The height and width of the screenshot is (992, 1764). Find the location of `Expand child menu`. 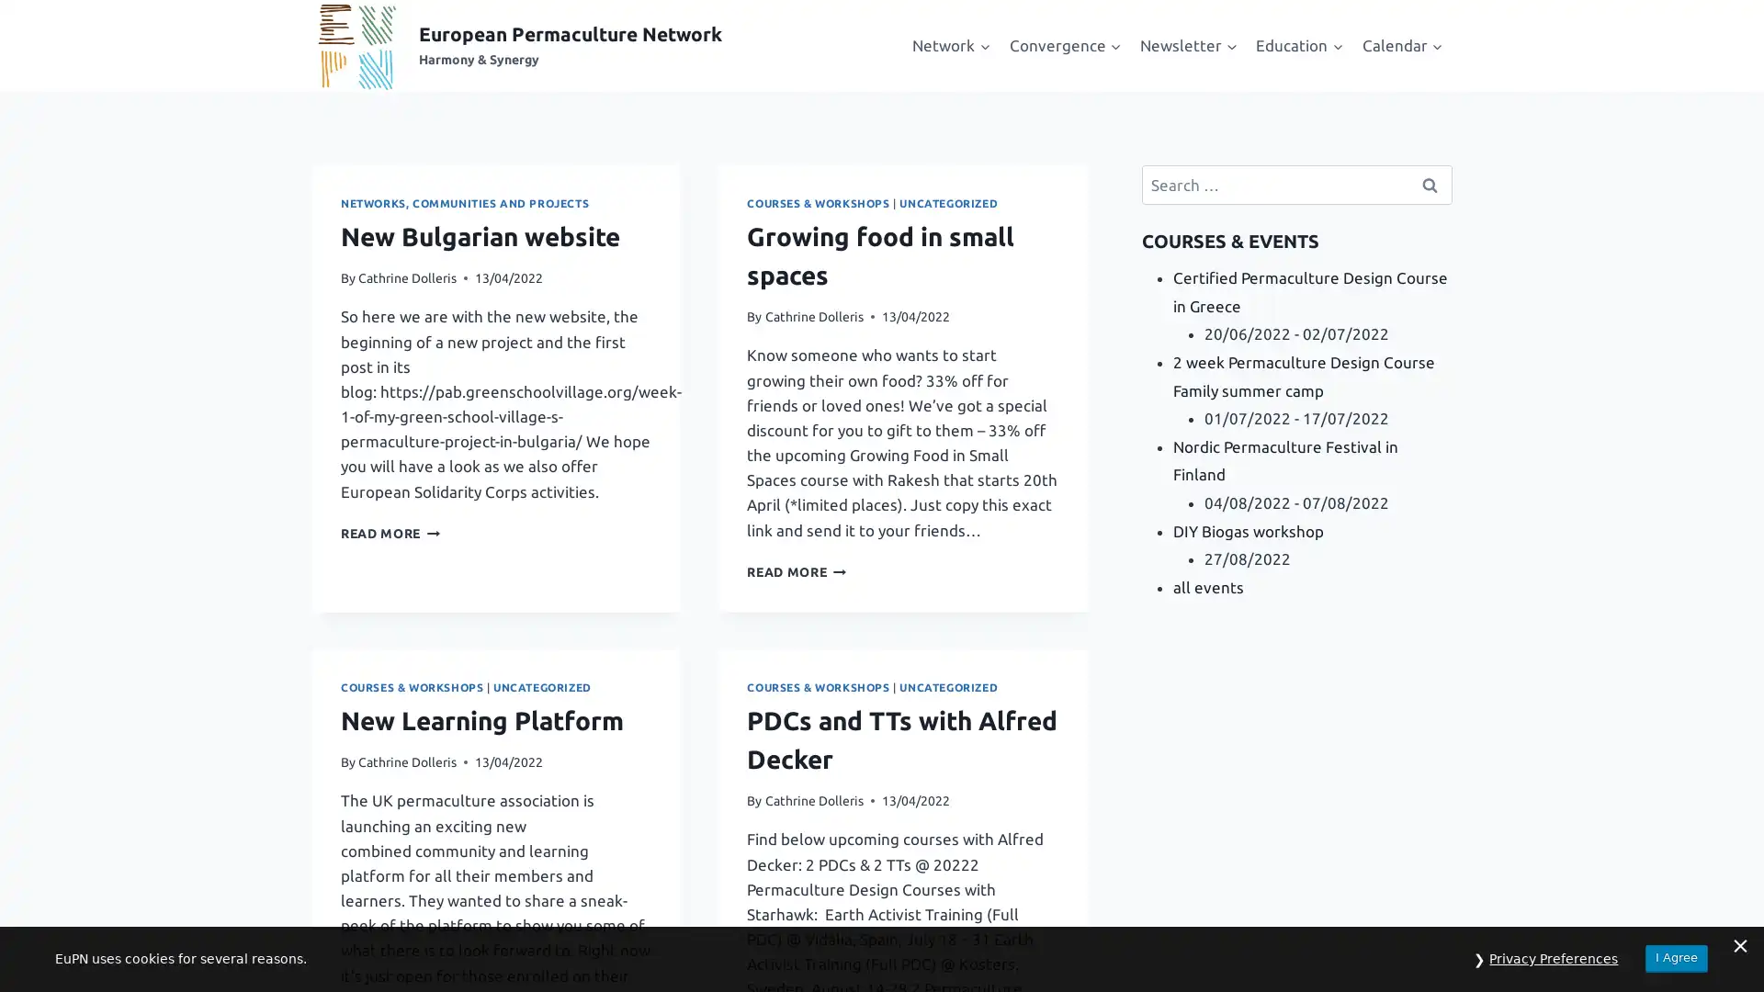

Expand child menu is located at coordinates (1298, 44).